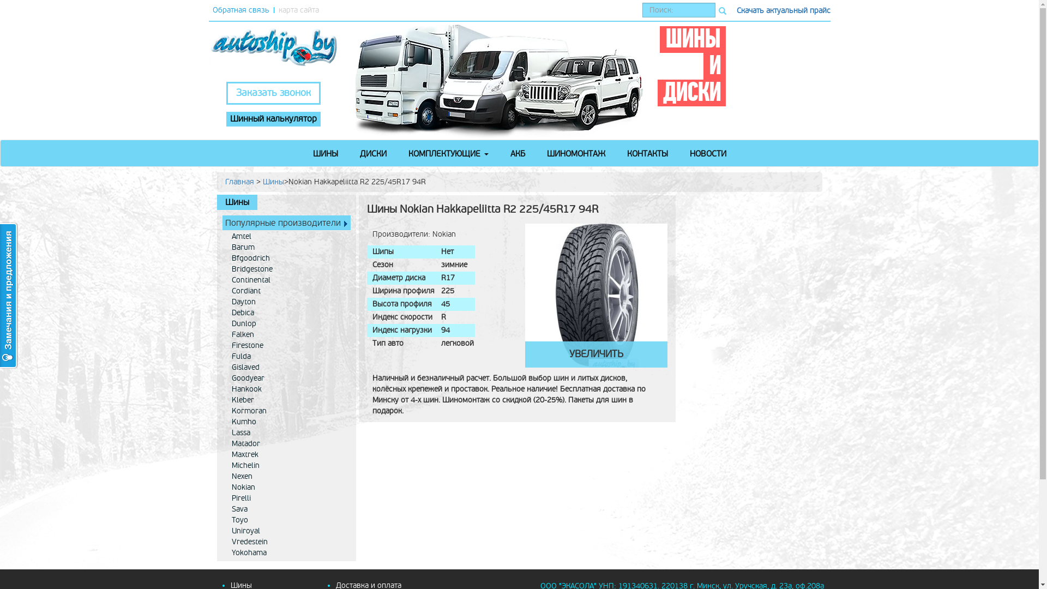  Describe the element at coordinates (288, 378) in the screenshot. I see `'Goodyear'` at that location.